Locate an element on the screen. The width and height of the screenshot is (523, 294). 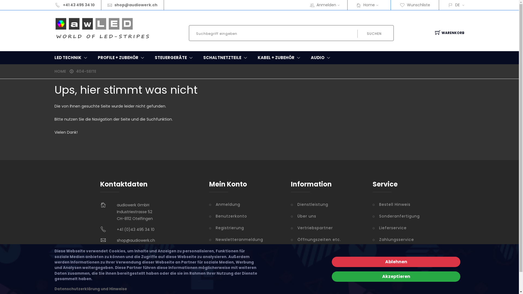
'Registrierung' is located at coordinates (209, 228).